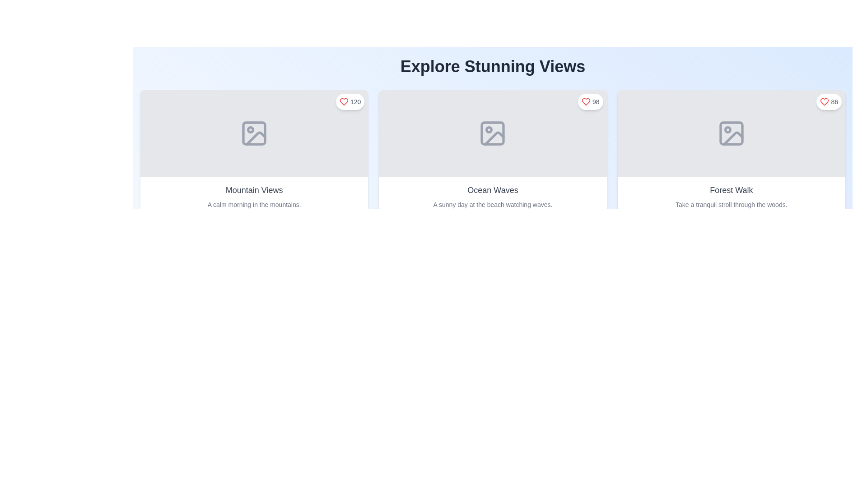  I want to click on diagonal line element resembling a mountain profile within the 'Mountain Views' card using developer tools, so click(256, 138).